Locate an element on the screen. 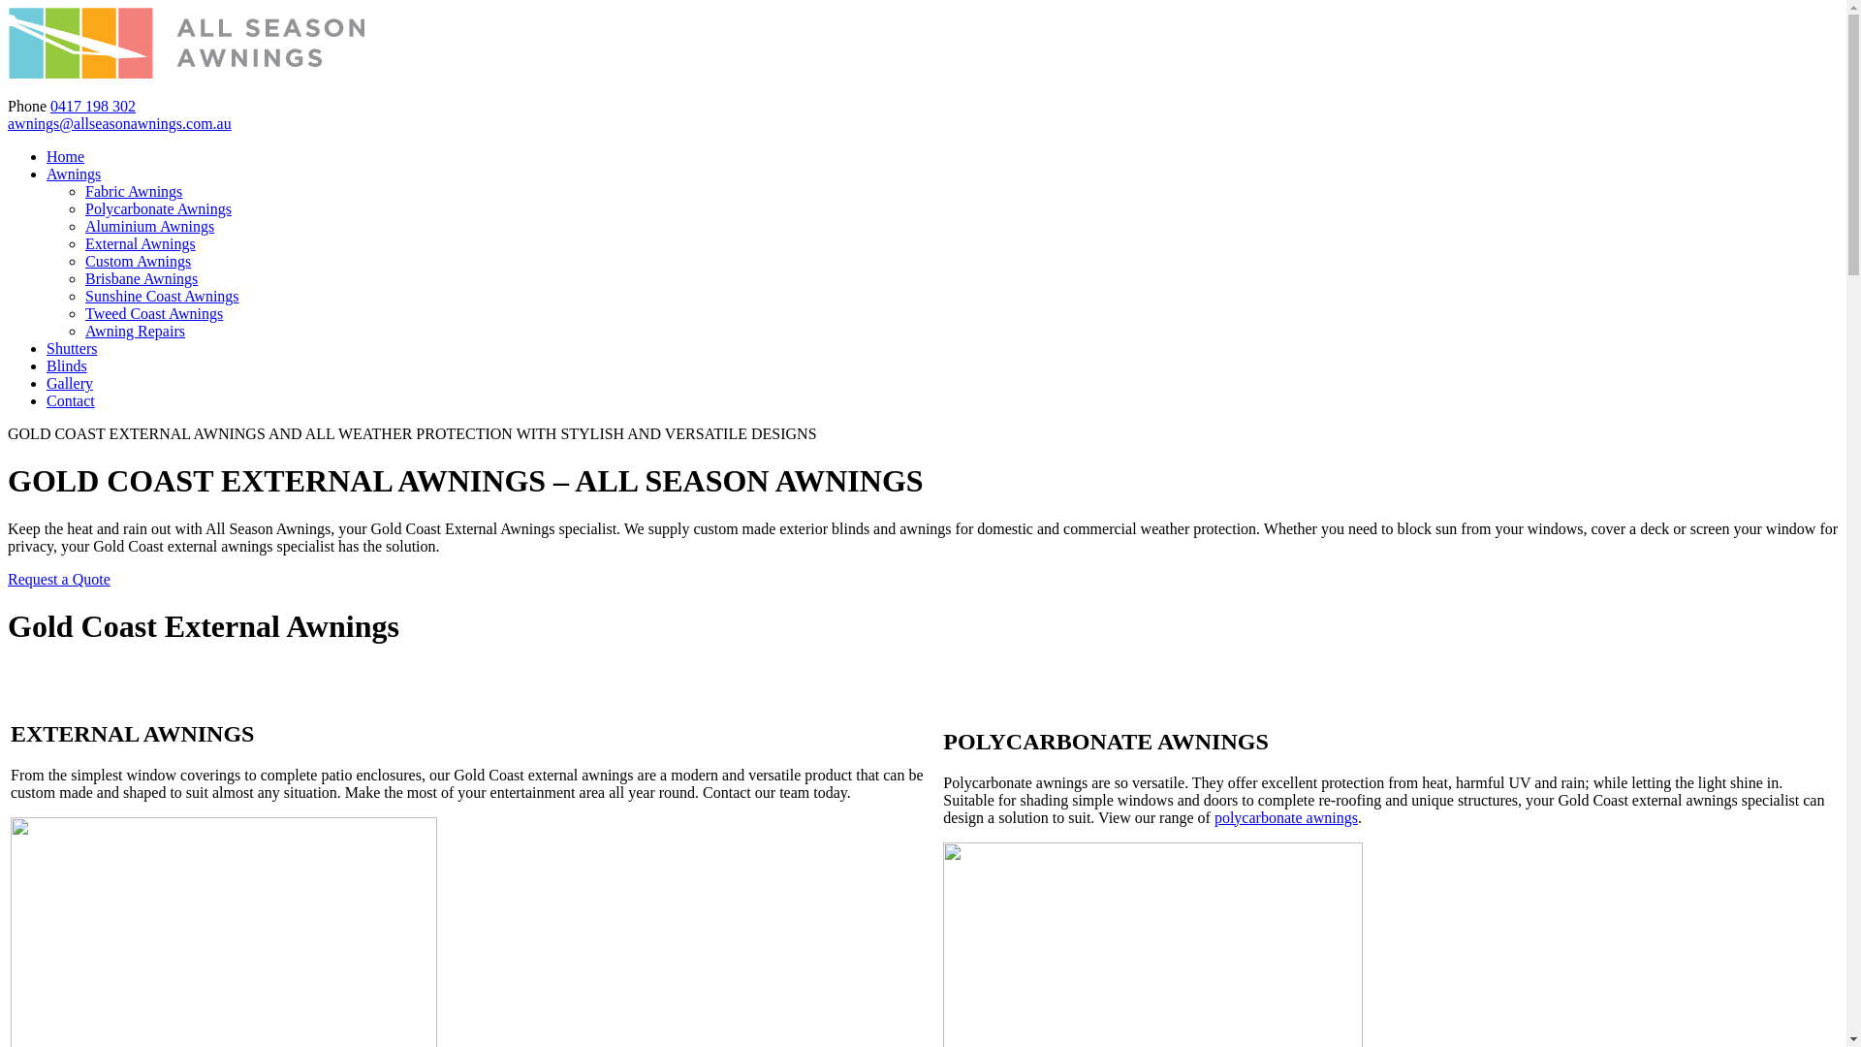 The width and height of the screenshot is (1861, 1047). 'Sunshine Coast Awnings' is located at coordinates (83, 296).